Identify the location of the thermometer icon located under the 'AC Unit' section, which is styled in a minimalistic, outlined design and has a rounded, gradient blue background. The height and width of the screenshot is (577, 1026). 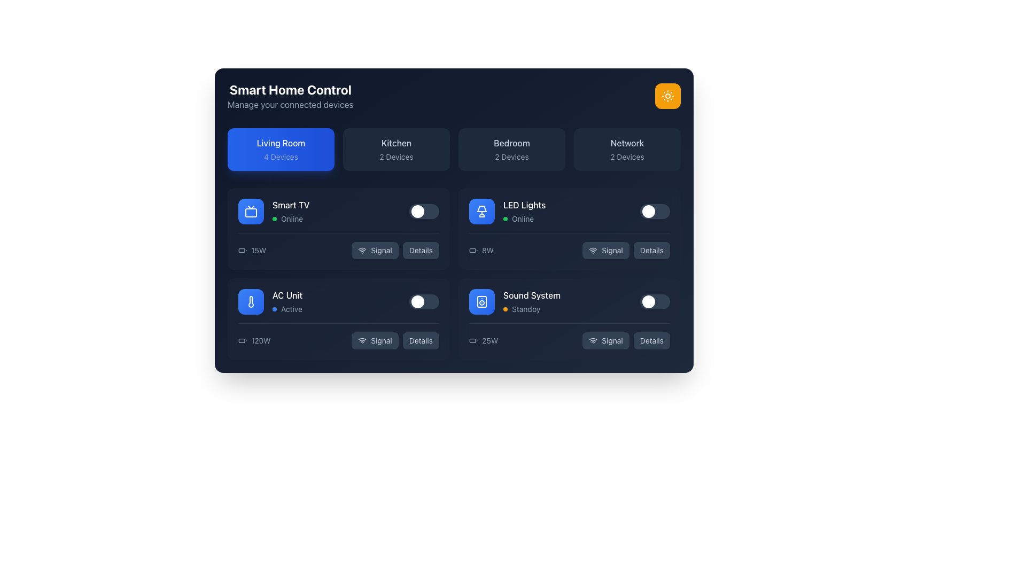
(251, 301).